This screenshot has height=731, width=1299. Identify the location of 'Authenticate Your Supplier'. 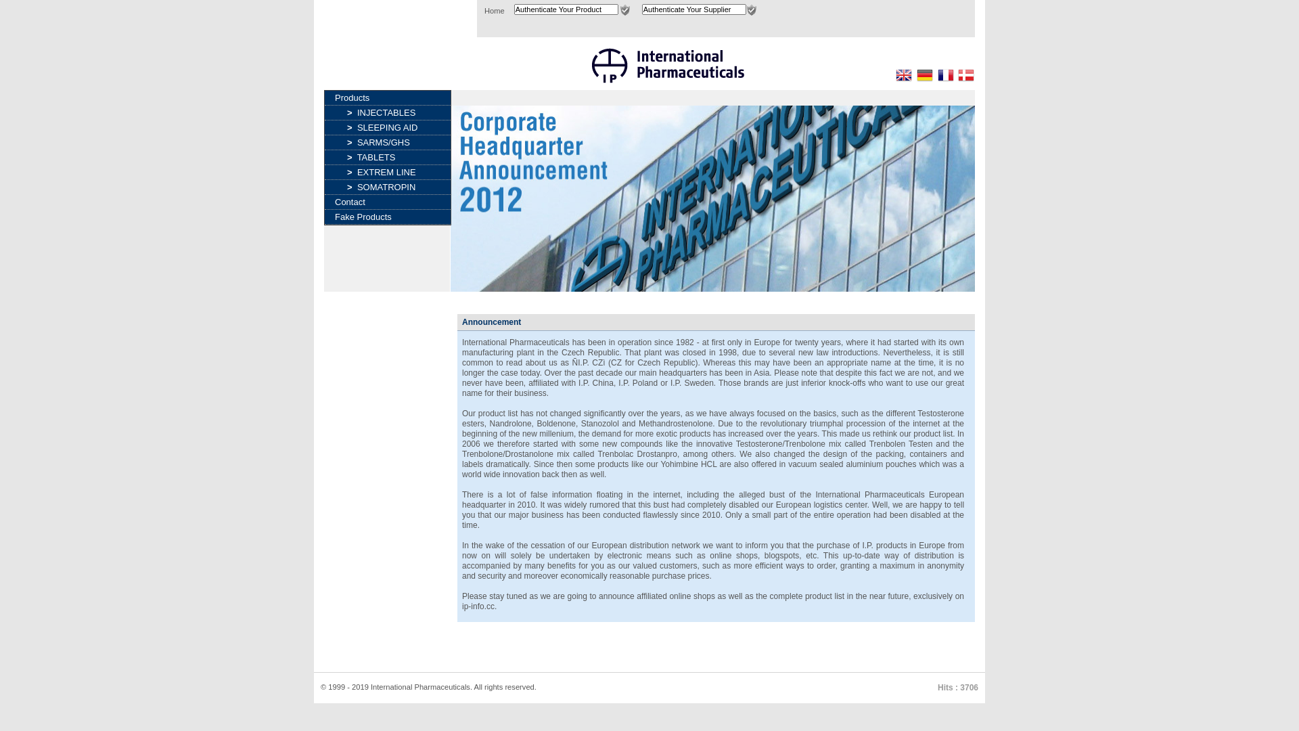
(694, 9).